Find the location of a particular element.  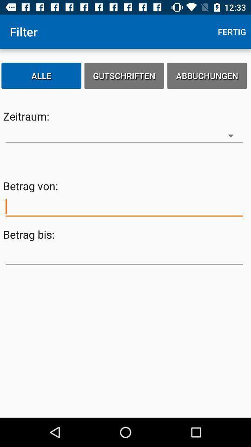

alle item is located at coordinates (41, 75).